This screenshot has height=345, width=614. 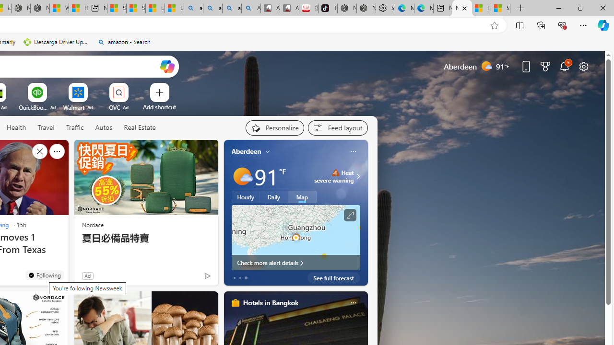 I want to click on 'Heat - Severe Heat severe warning', so click(x=334, y=176).